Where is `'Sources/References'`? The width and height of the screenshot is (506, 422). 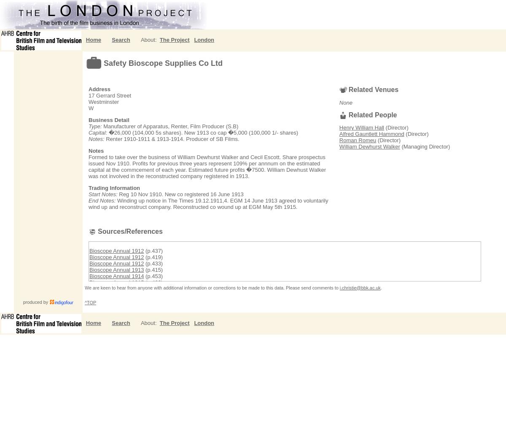
'Sources/References' is located at coordinates (130, 231).